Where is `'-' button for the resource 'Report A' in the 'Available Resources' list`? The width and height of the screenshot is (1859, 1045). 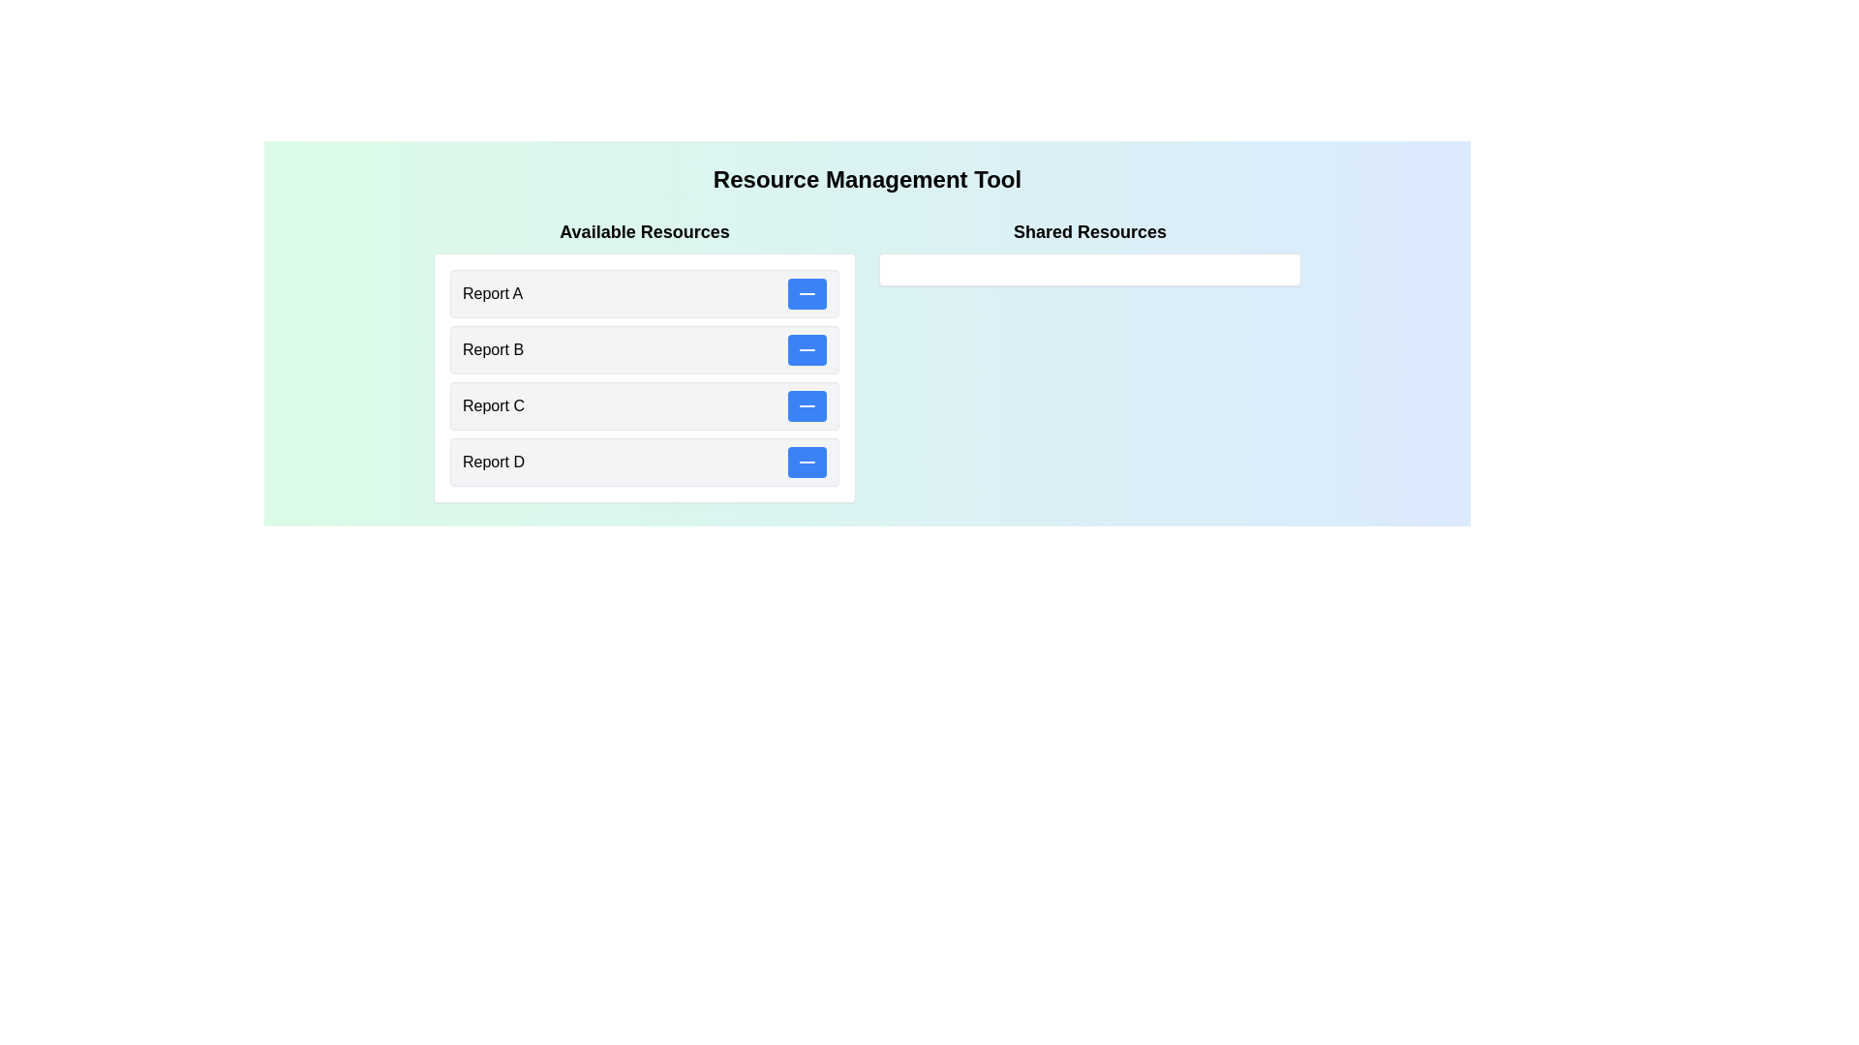
'-' button for the resource 'Report A' in the 'Available Resources' list is located at coordinates (808, 294).